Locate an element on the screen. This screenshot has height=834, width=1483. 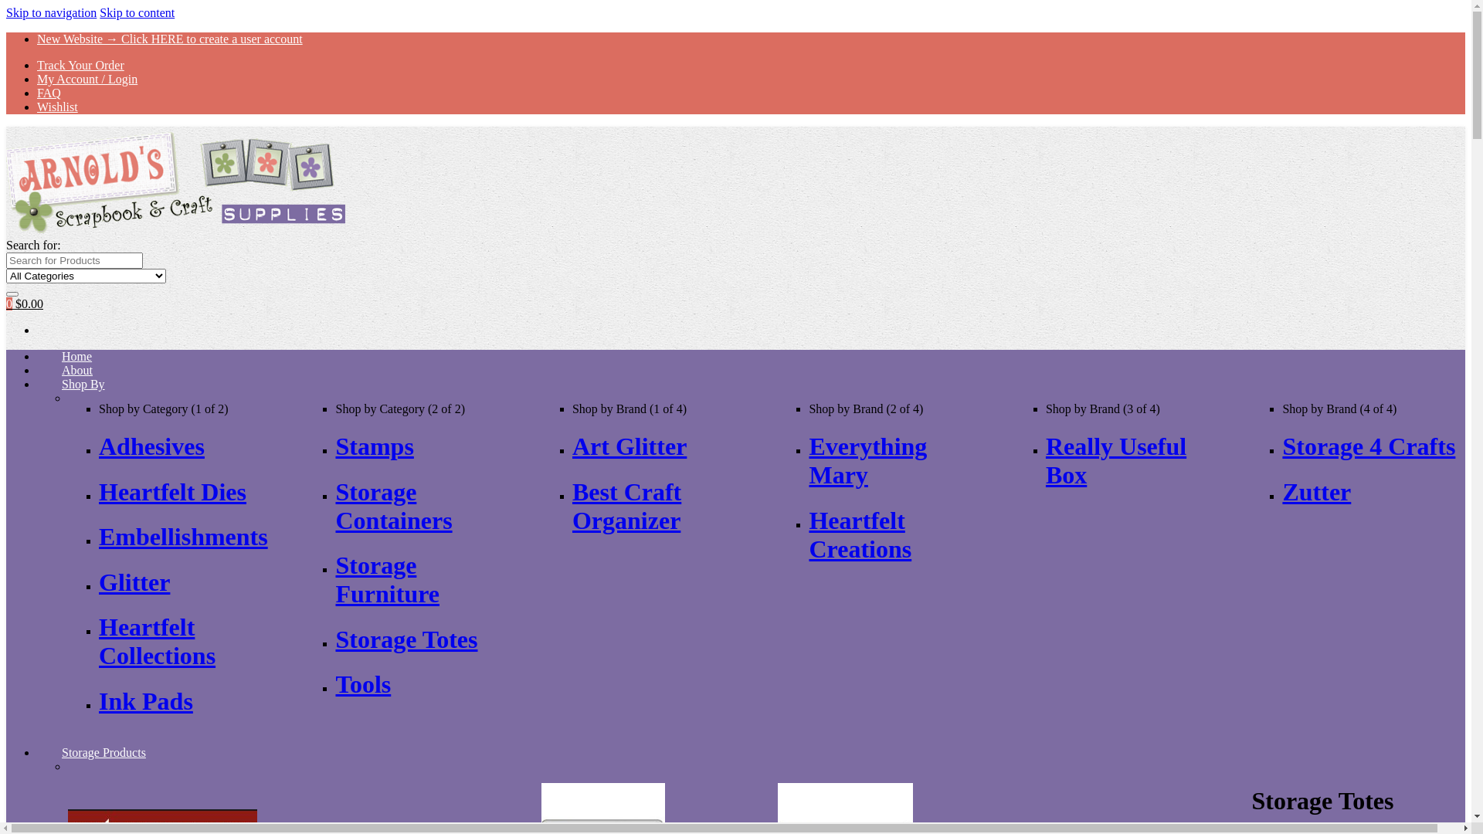
'Heartfelt Creations' is located at coordinates (859, 534).